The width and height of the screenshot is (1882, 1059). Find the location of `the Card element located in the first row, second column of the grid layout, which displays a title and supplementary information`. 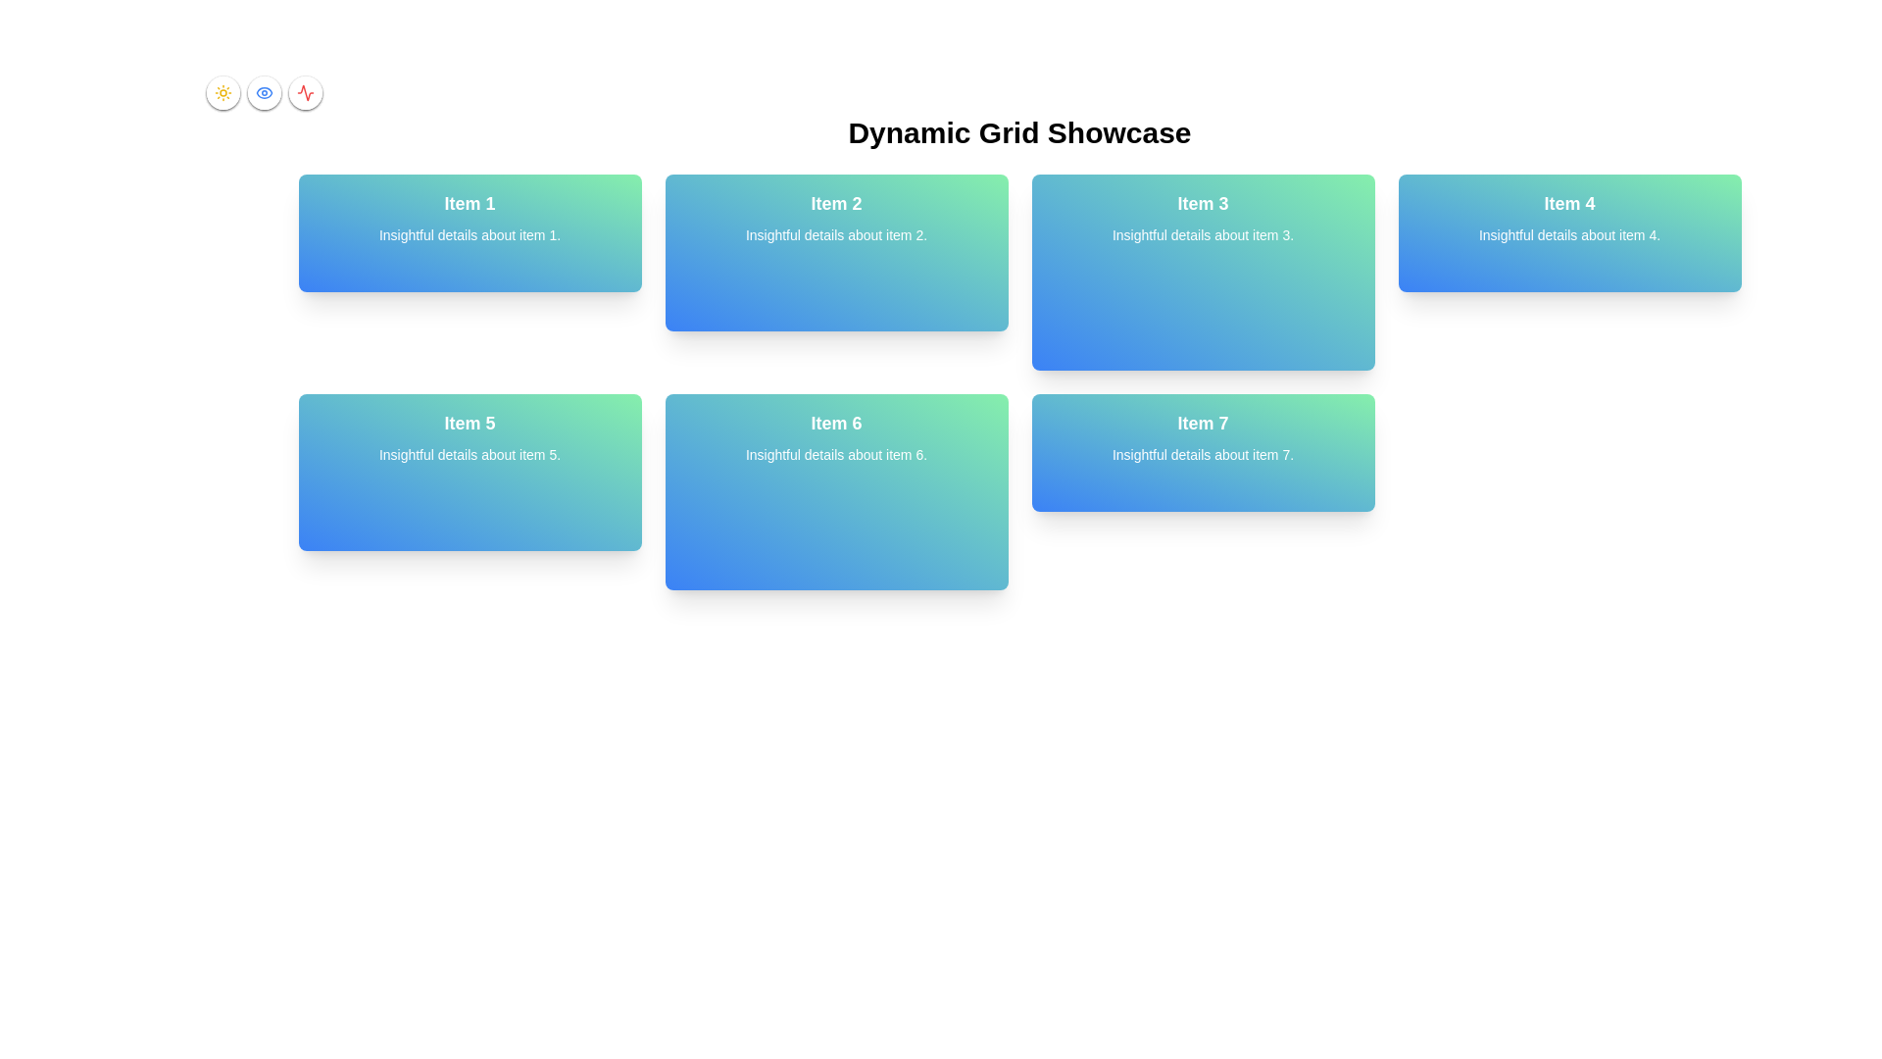

the Card element located in the first row, second column of the grid layout, which displays a title and supplementary information is located at coordinates (836, 252).